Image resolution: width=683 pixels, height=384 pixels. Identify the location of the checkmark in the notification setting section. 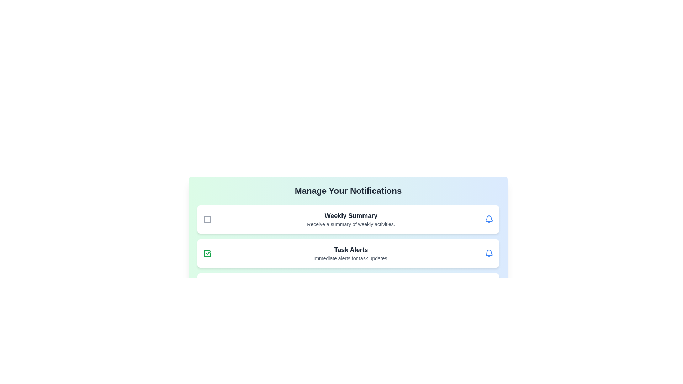
(348, 253).